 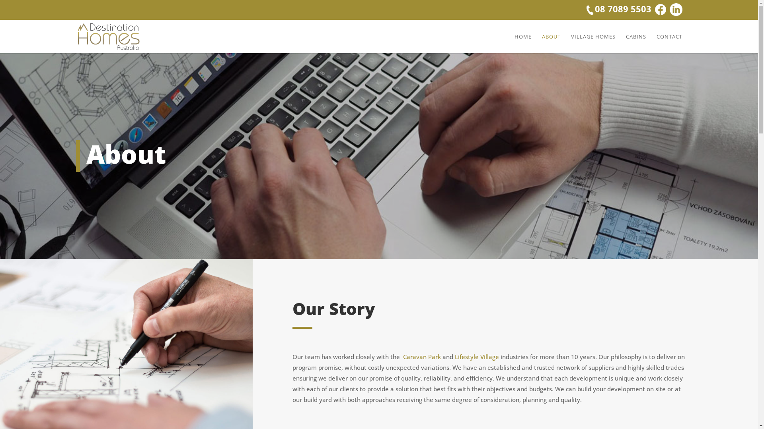 I want to click on 'HOME', so click(x=522, y=43).